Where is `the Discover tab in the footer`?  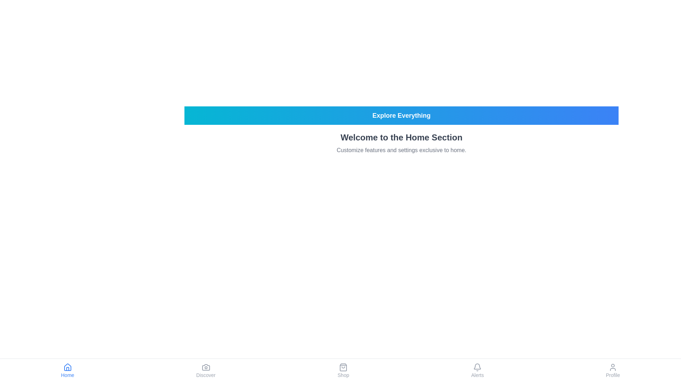
the Discover tab in the footer is located at coordinates (205, 370).